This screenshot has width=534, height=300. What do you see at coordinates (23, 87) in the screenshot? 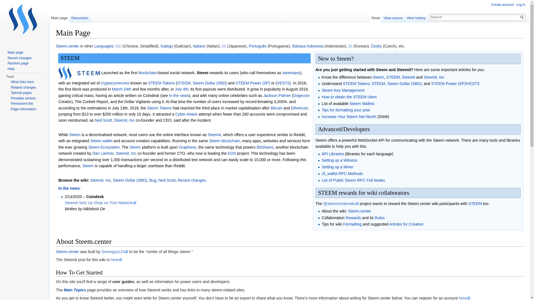
I see `'Related changes'` at bounding box center [23, 87].